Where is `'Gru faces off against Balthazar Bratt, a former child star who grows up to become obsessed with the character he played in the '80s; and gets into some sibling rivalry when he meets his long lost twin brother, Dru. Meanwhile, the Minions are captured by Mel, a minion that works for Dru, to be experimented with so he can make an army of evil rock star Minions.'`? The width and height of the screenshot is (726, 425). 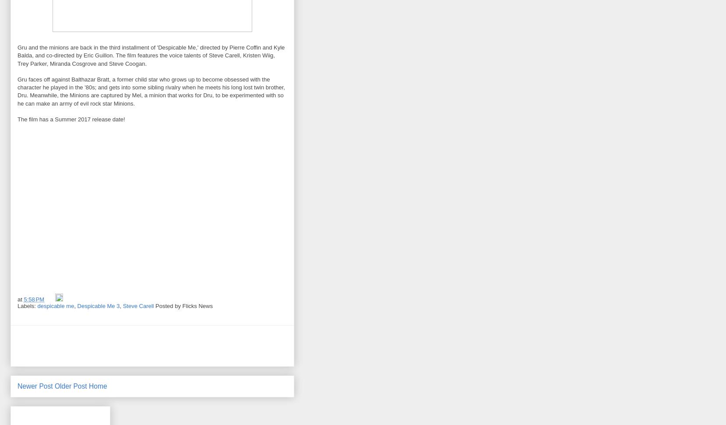 'Gru faces off against Balthazar Bratt, a former child star who grows up to become obsessed with the character he played in the '80s; and gets into some sibling rivalry when he meets his long lost twin brother, Dru. Meanwhile, the Minions are captured by Mel, a minion that works for Dru, to be experimented with so he can make an army of evil rock star Minions.' is located at coordinates (17, 91).